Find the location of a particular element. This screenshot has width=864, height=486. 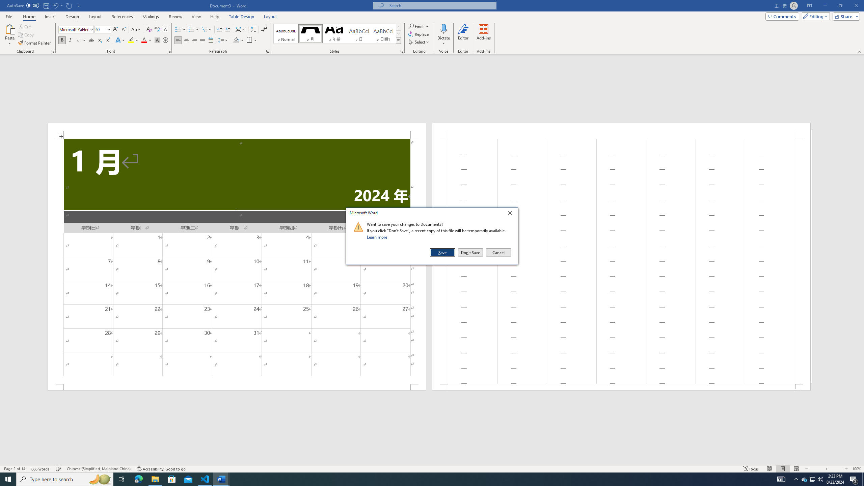

'Class: NetUIImage' is located at coordinates (358, 226).